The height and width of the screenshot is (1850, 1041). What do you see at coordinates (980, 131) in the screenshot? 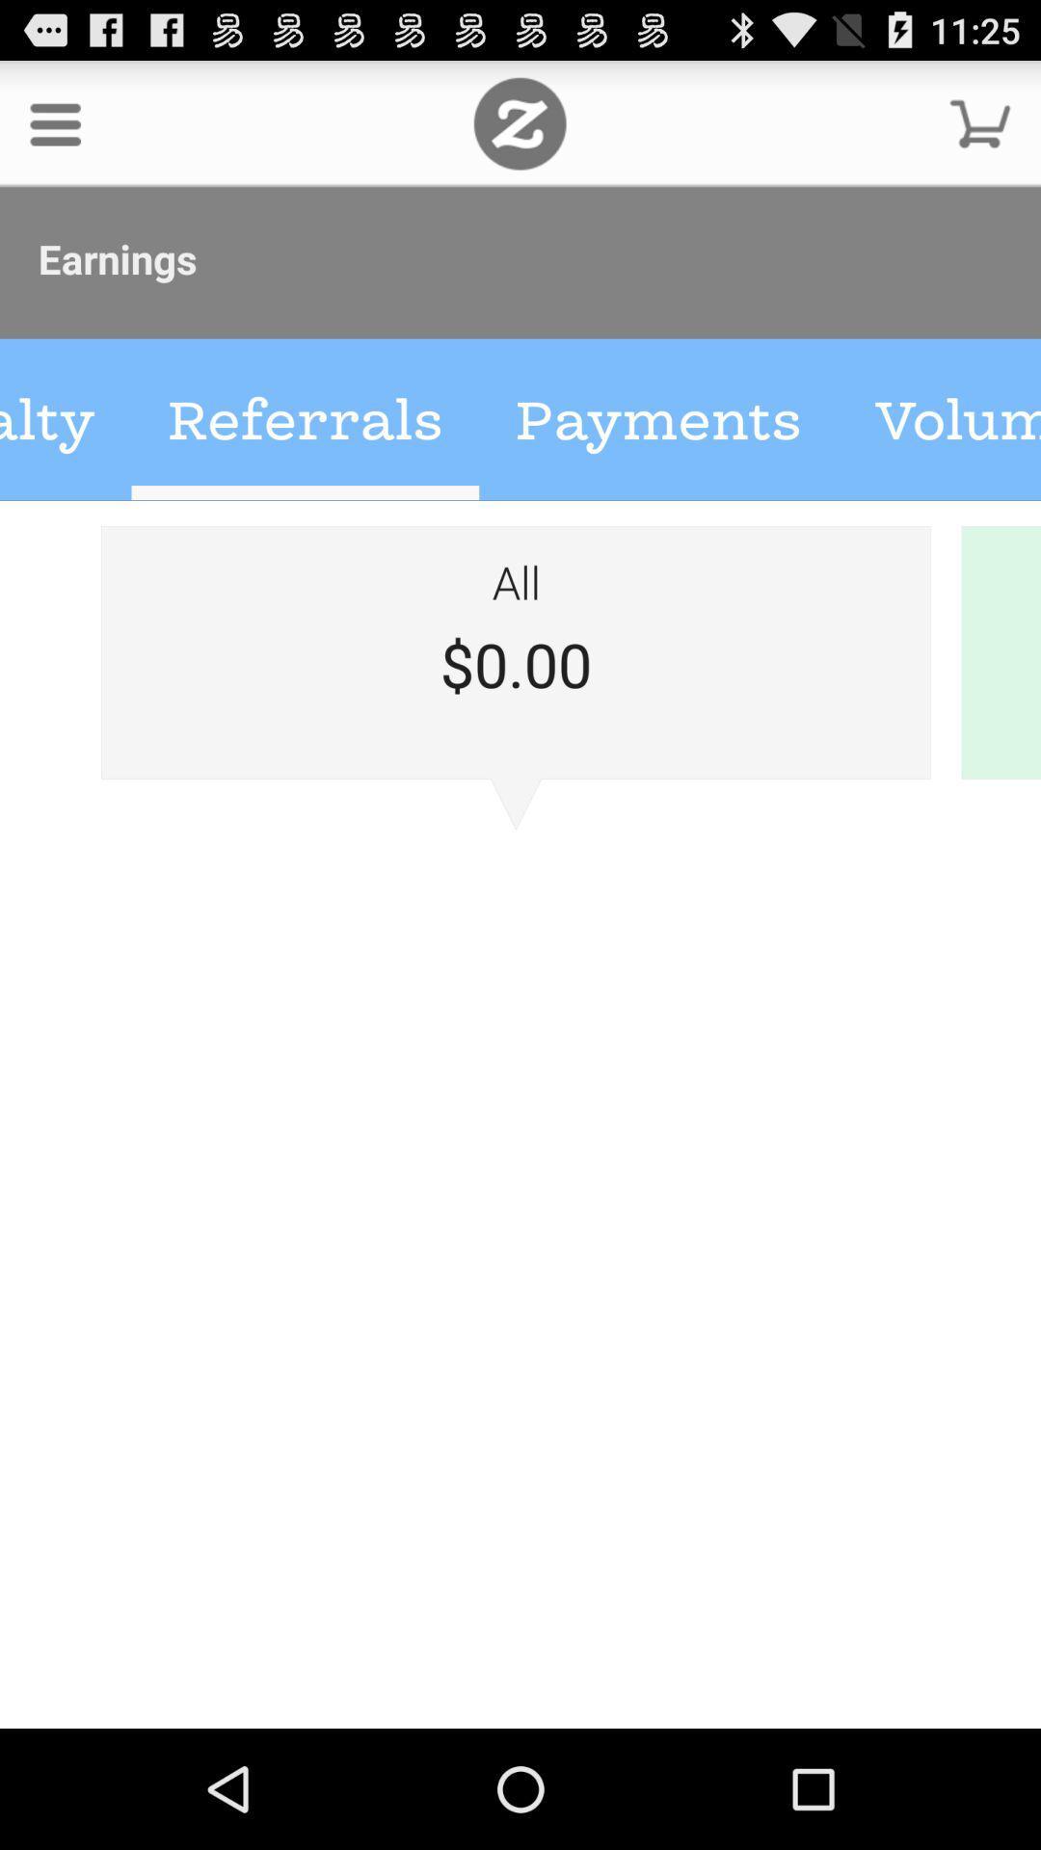
I see `the cart icon` at bounding box center [980, 131].